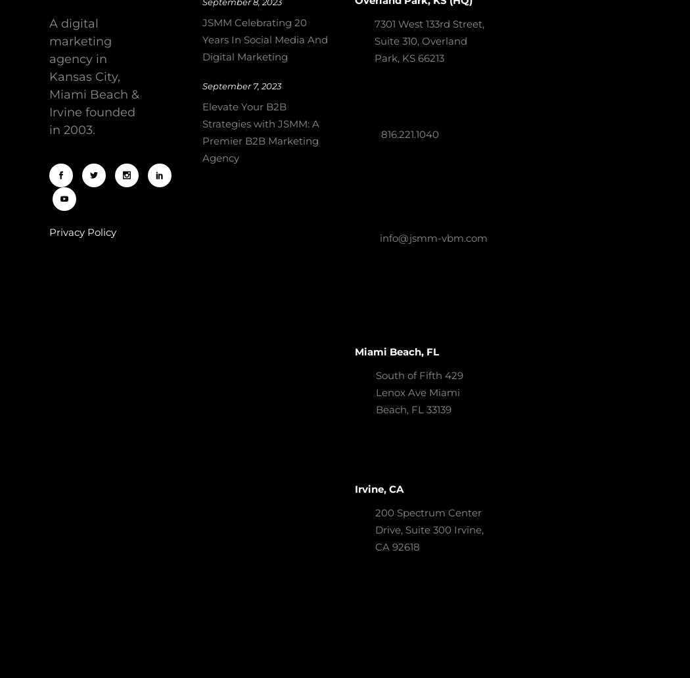 This screenshot has width=690, height=678. I want to click on 'Irvine, CA', so click(378, 488).